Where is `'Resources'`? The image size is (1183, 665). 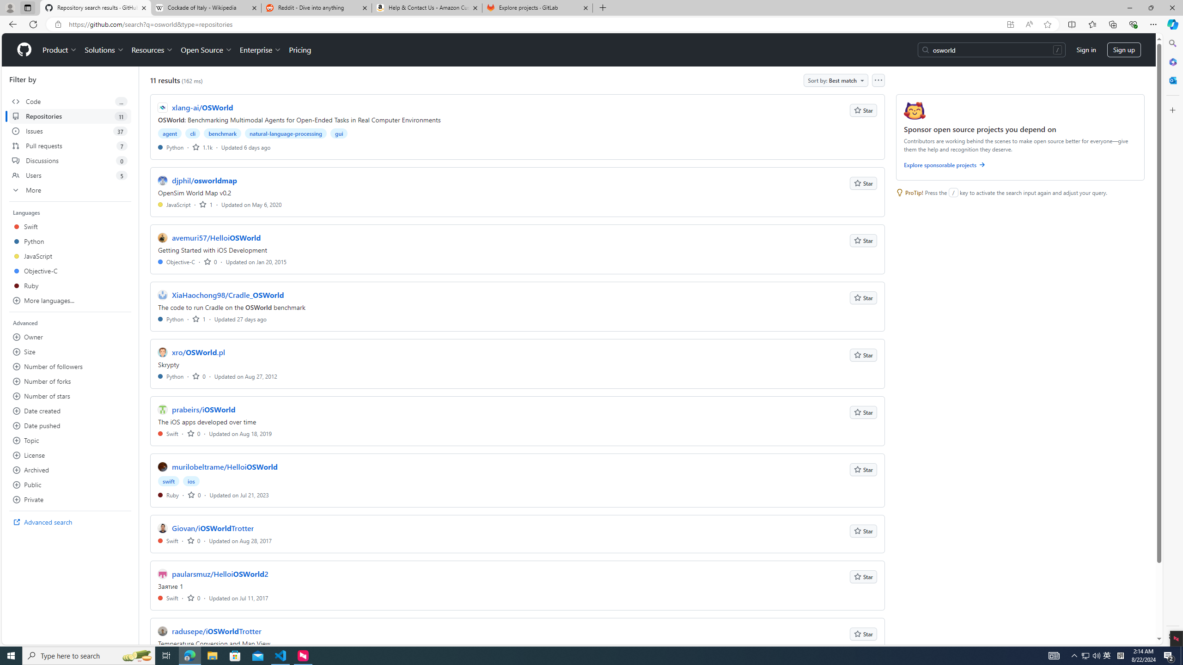
'Resources' is located at coordinates (152, 49).